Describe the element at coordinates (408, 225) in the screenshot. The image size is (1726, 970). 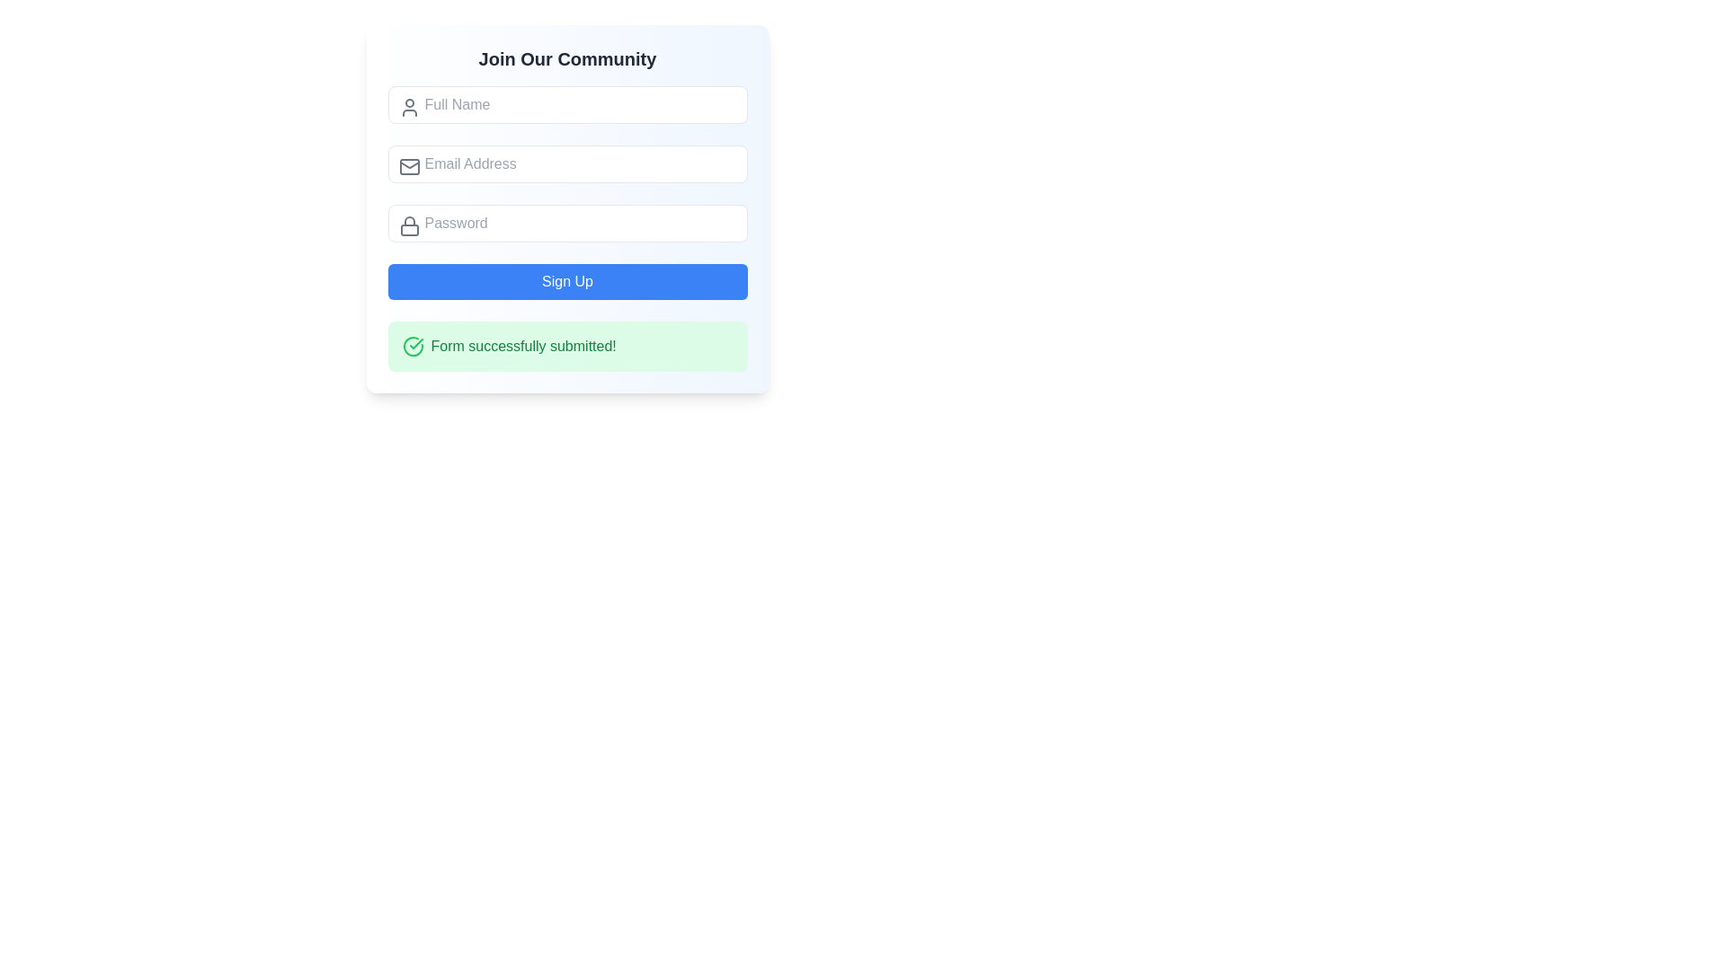
I see `the decorative icon within the password input field, located at the top left corner, to signal its purpose for entering a password` at that location.